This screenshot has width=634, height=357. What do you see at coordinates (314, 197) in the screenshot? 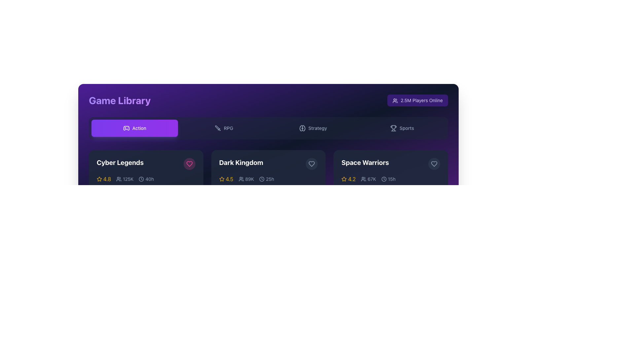
I see `the fourth decorative bar or indicator, which is part of a sequence of five elements positioned horizontally near the bottom center of the interface` at bounding box center [314, 197].